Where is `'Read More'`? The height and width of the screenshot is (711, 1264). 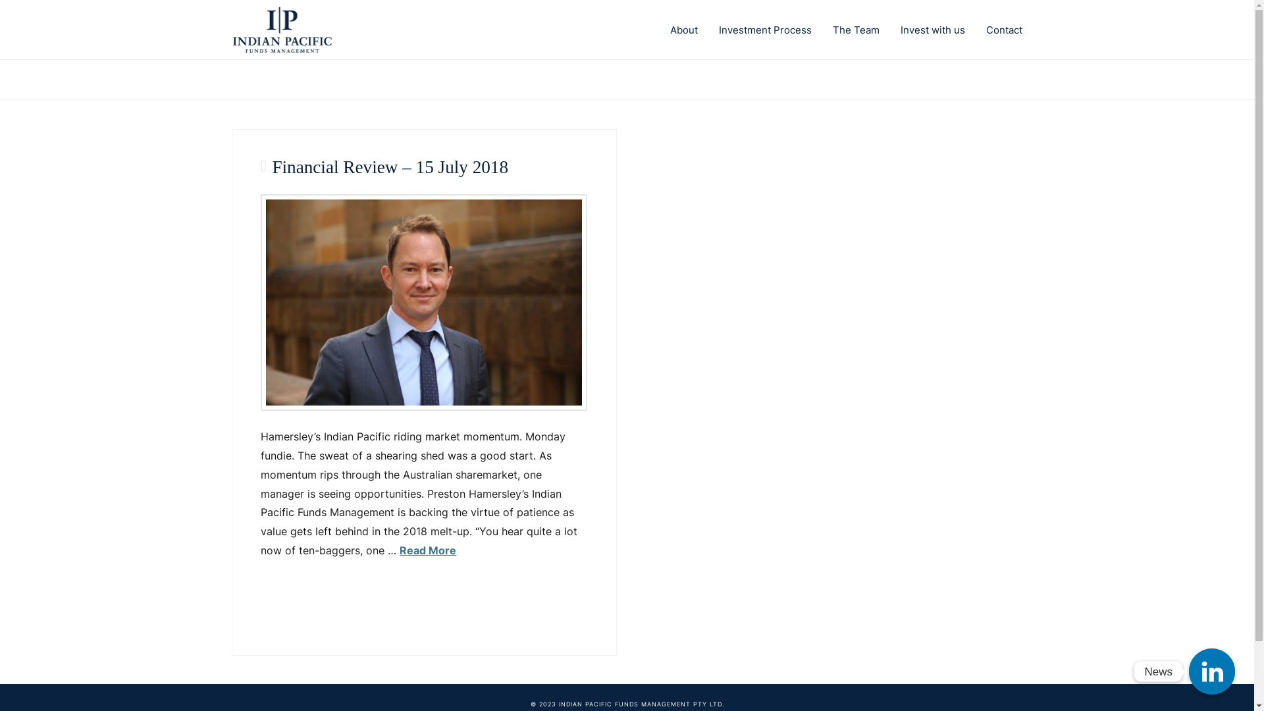
'Read More' is located at coordinates (427, 550).